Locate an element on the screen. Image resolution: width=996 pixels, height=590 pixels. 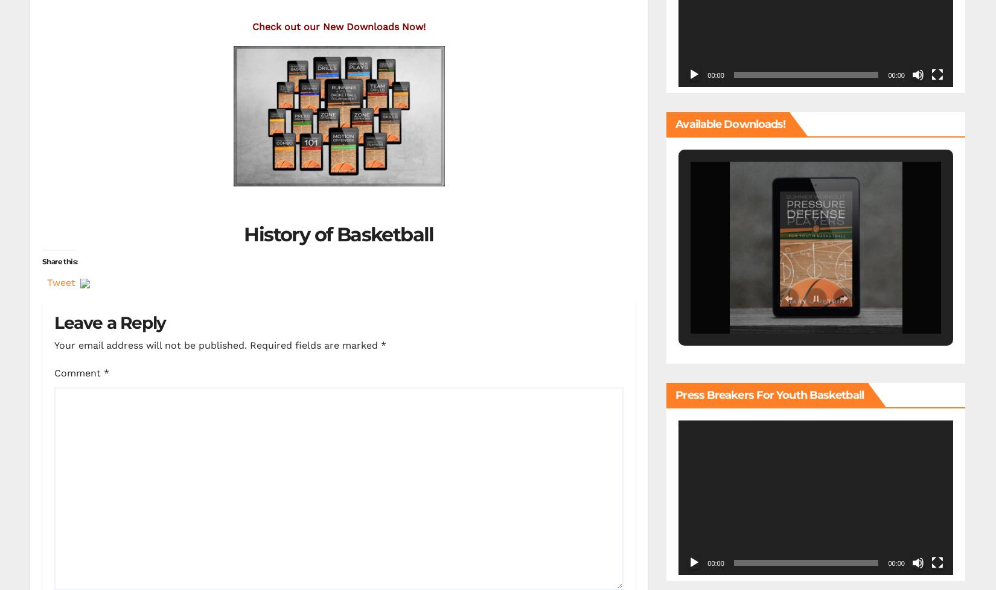
'Check out our New Downloads Now!' is located at coordinates (338, 27).